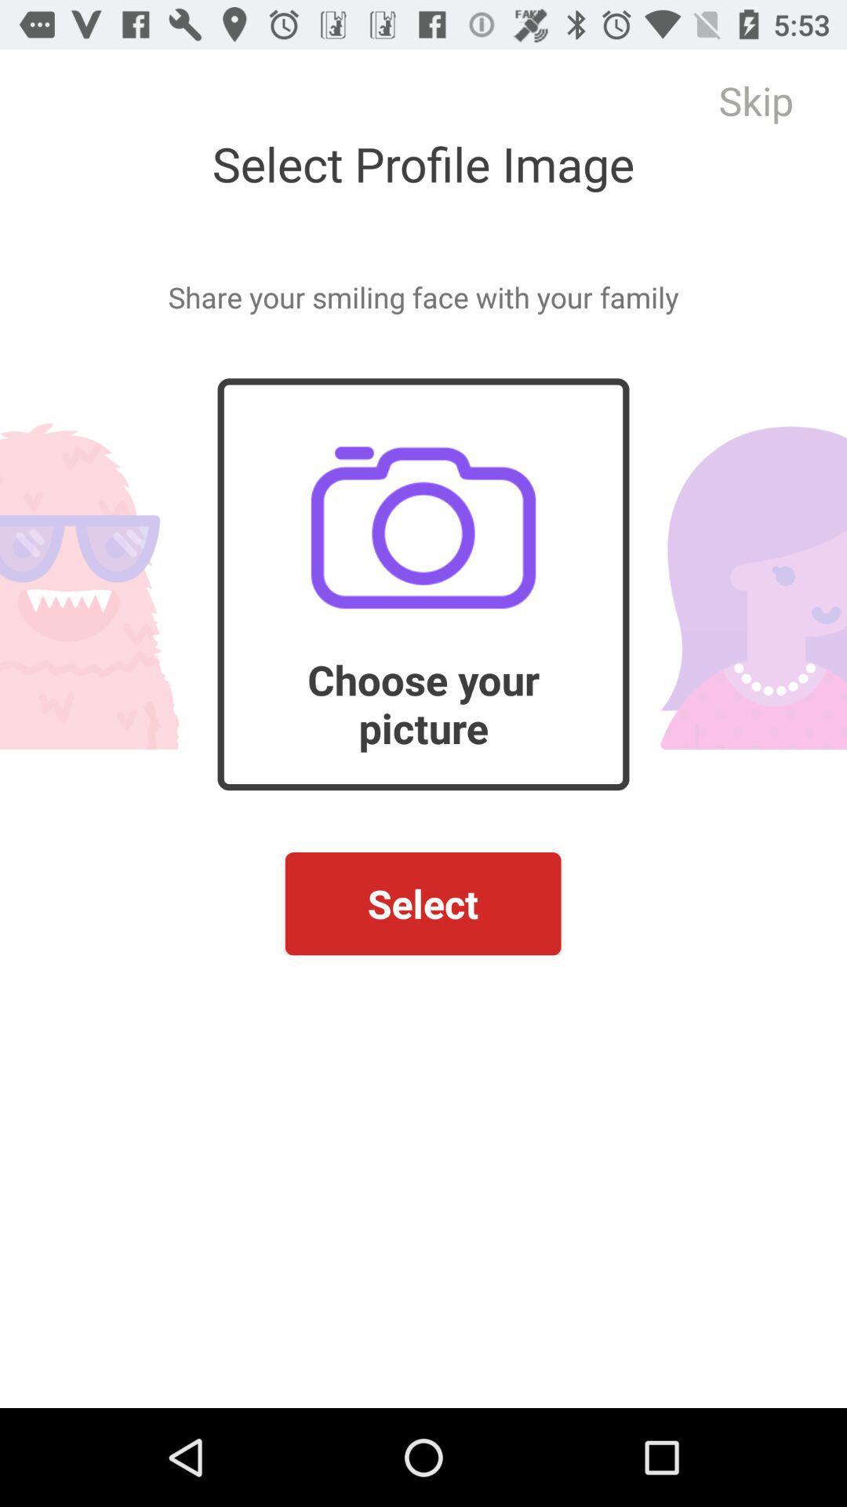 The height and width of the screenshot is (1507, 847). I want to click on the icon above the share your smiling icon, so click(755, 100).